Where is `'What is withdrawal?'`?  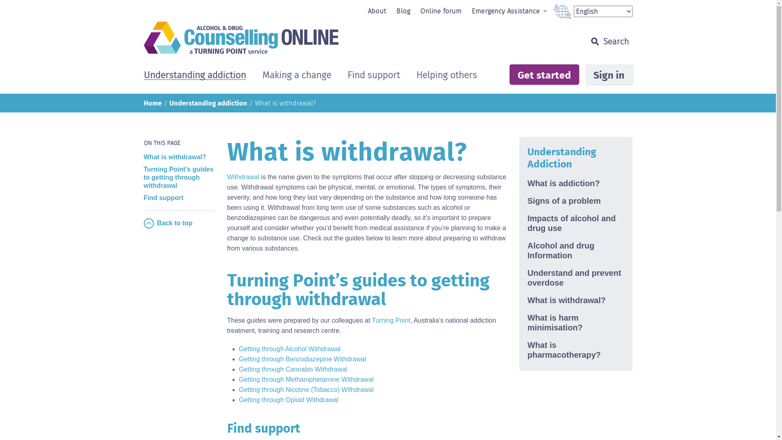 'What is withdrawal?' is located at coordinates (178, 157).